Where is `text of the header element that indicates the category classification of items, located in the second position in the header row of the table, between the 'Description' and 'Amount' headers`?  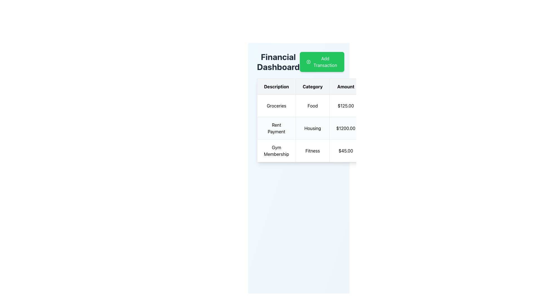 text of the header element that indicates the category classification of items, located in the second position in the header row of the table, between the 'Description' and 'Amount' headers is located at coordinates (313, 87).